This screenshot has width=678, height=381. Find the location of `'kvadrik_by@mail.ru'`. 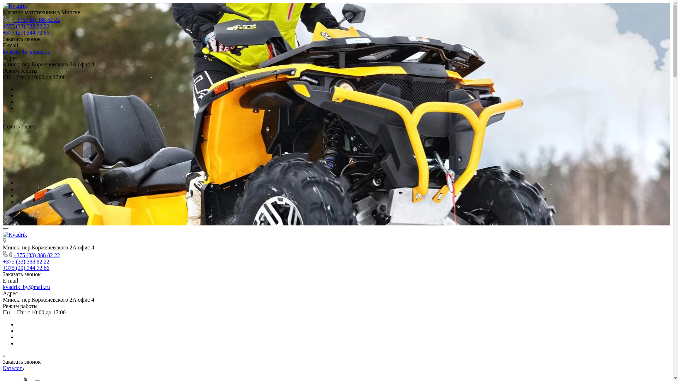

'kvadrik_by@mail.ru' is located at coordinates (3, 287).